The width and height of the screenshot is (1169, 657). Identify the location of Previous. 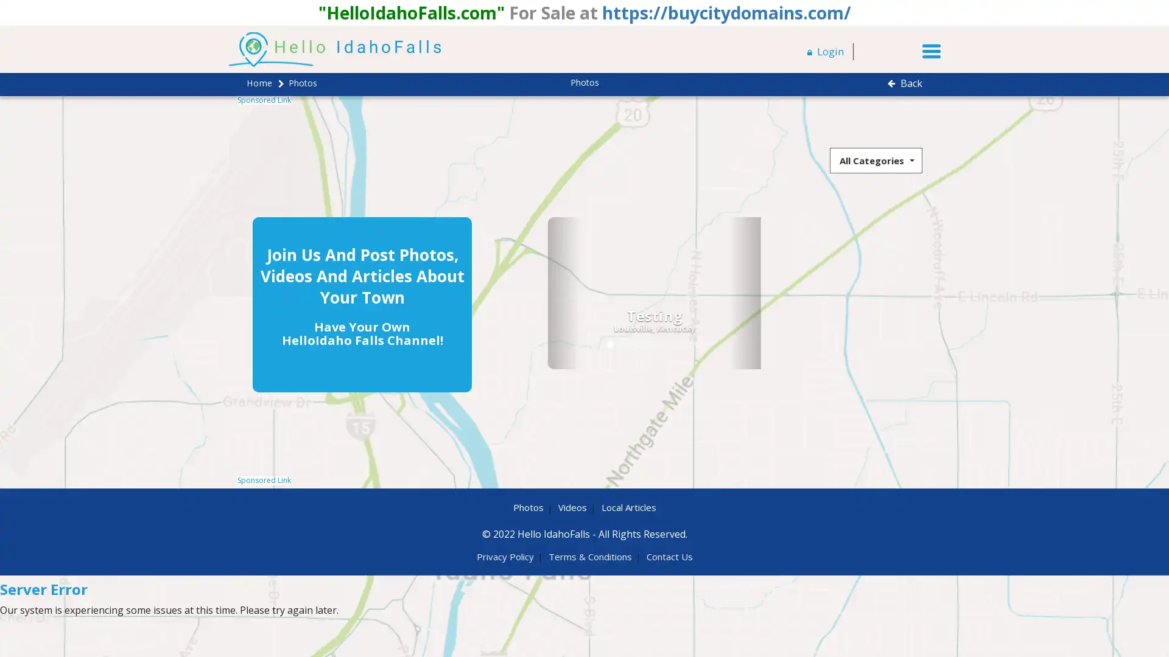
(499, 293).